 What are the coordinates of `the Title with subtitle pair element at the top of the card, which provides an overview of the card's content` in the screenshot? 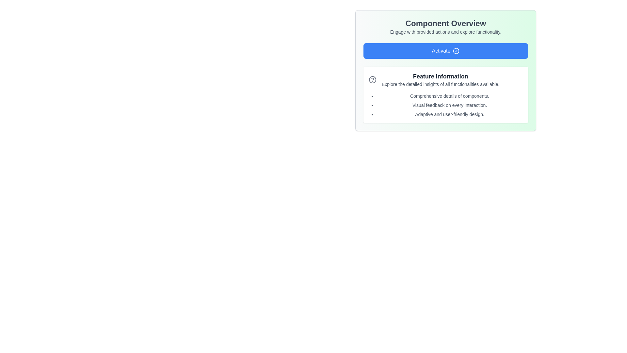 It's located at (445, 26).